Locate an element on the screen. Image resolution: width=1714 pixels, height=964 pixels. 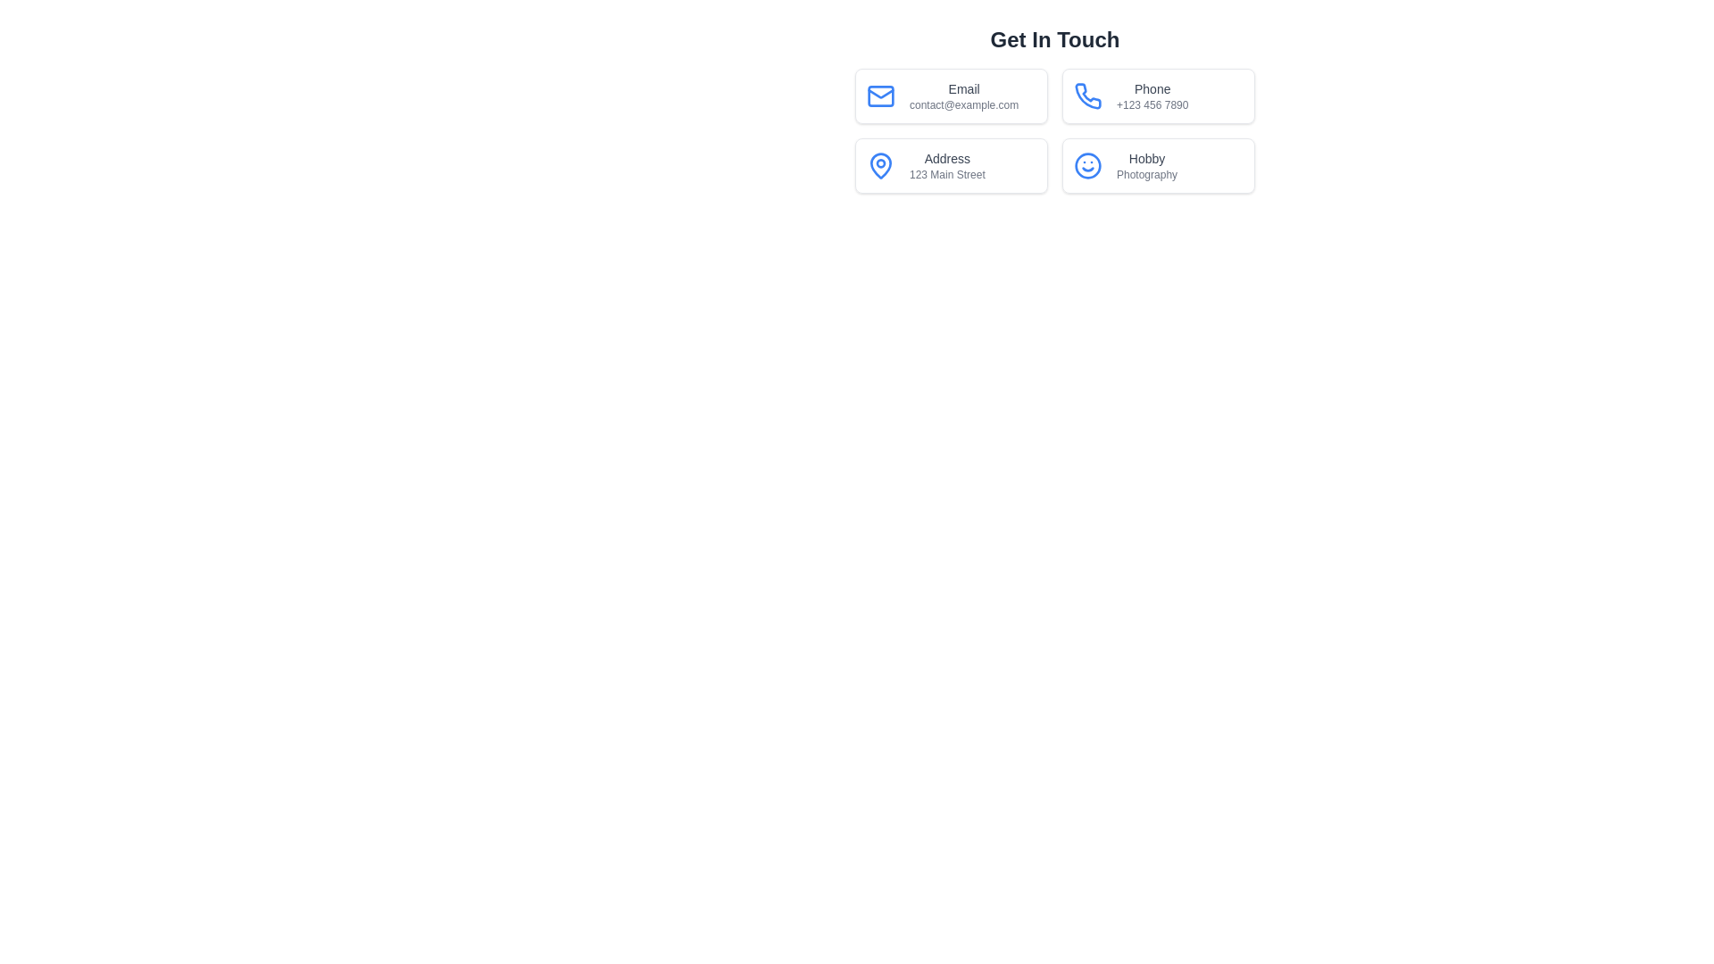
the blue map pin icon located in the 'Address' section of the contact information grid, positioned to the left of the text 'Address' and '123 Main Street' is located at coordinates (881, 165).